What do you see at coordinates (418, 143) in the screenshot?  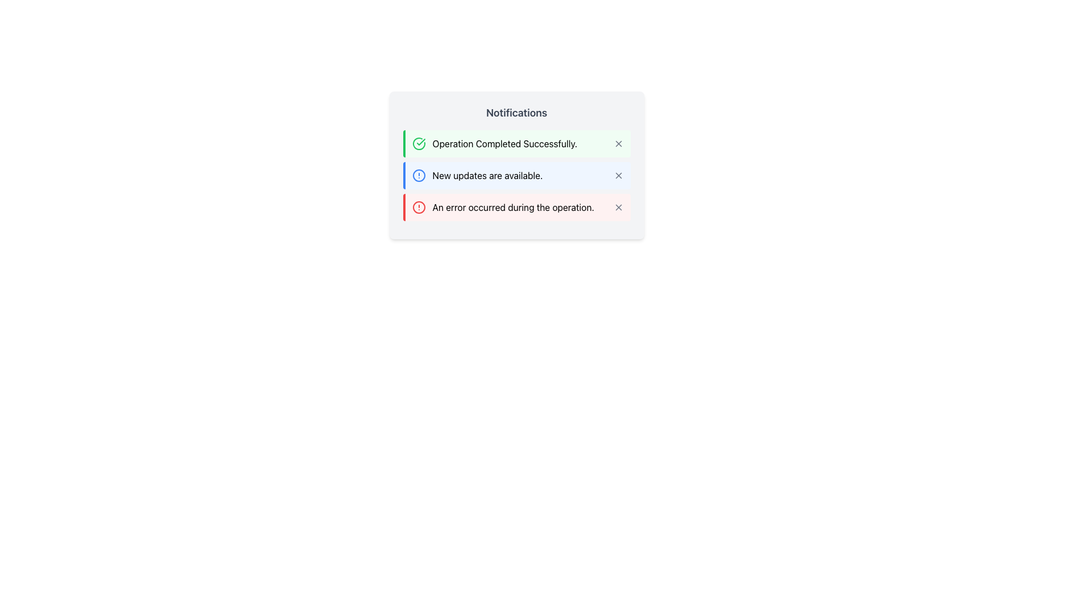 I see `the green circular icon with a checkmark inside, which symbolizes a successful action, located adjacent to the text 'Operation Completed Successfully.'` at bounding box center [418, 143].